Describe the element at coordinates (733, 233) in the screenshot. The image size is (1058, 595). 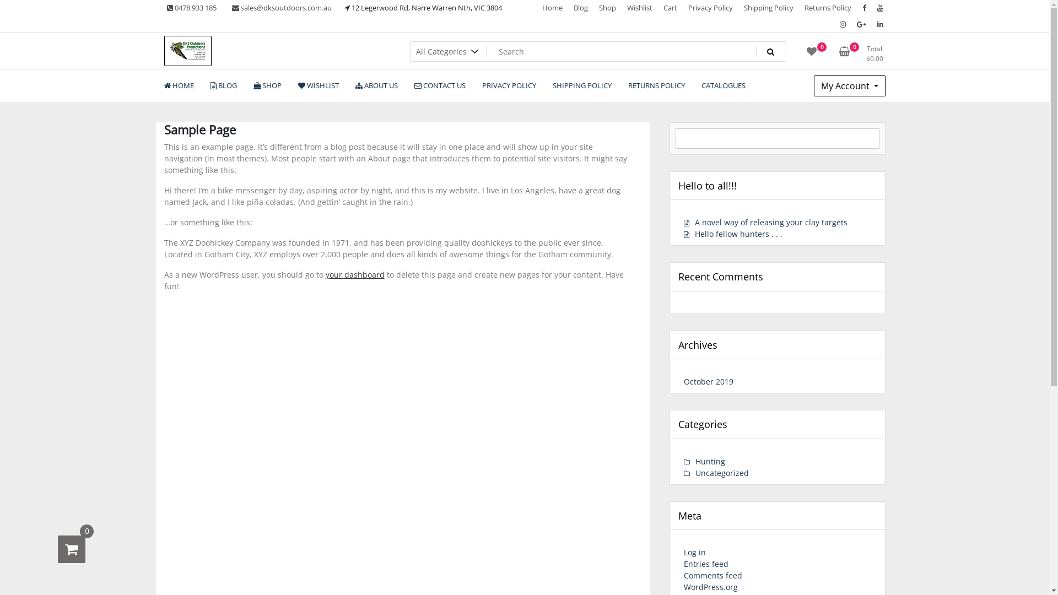
I see `'Hello fellow hunters . . .'` at that location.